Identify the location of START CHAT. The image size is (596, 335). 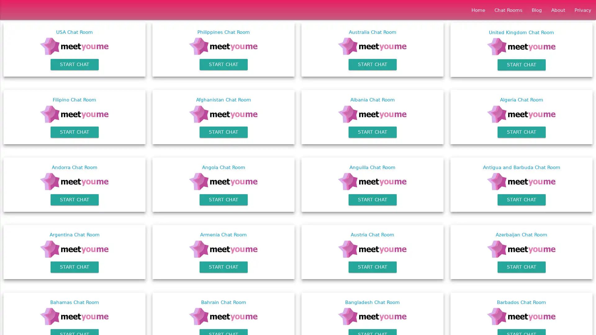
(372, 64).